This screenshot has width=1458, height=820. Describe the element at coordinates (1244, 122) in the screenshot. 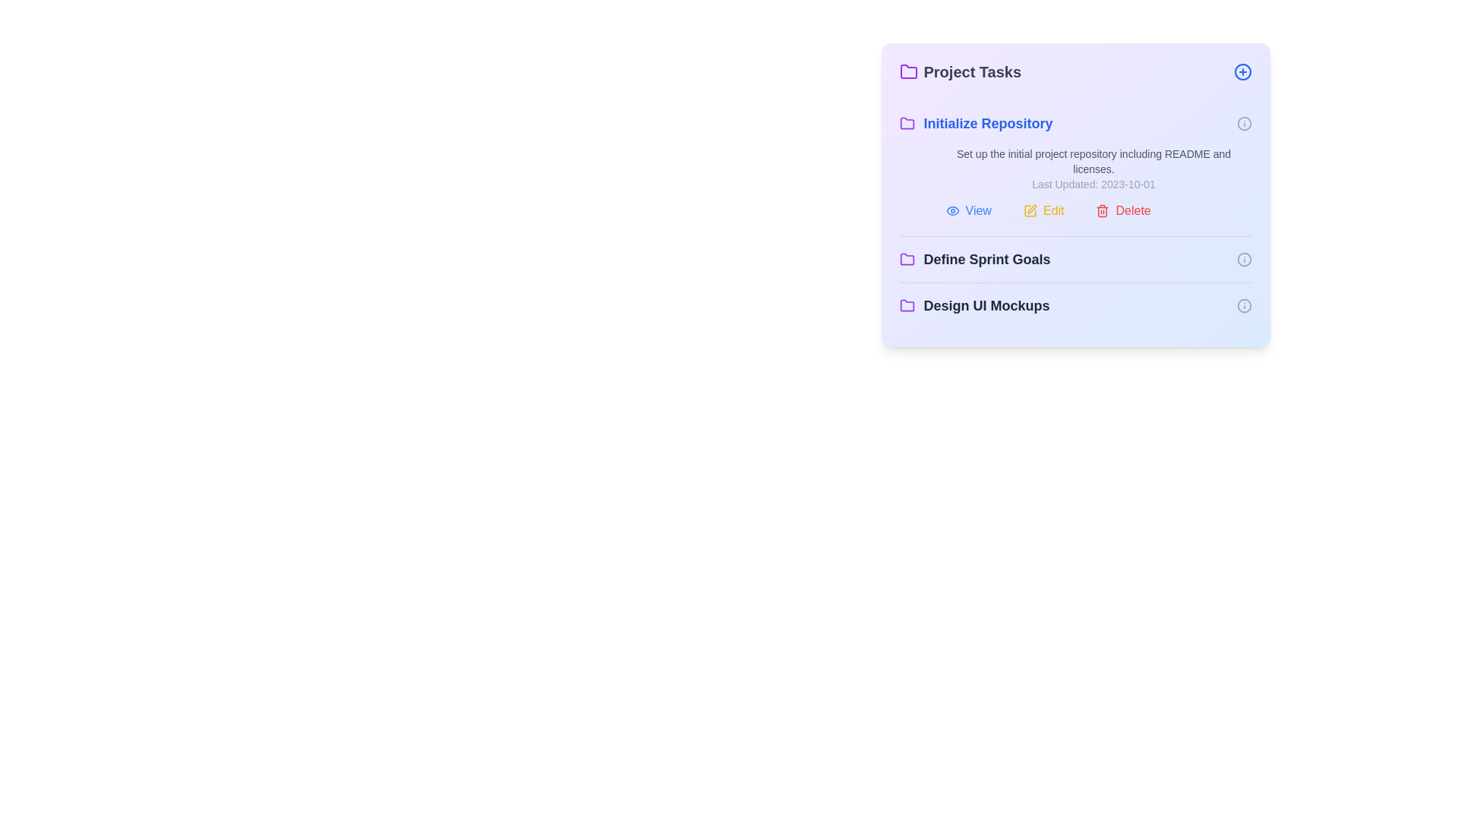

I see `the gray stroked circular icon located within the vertical sidebar arrangement` at that location.